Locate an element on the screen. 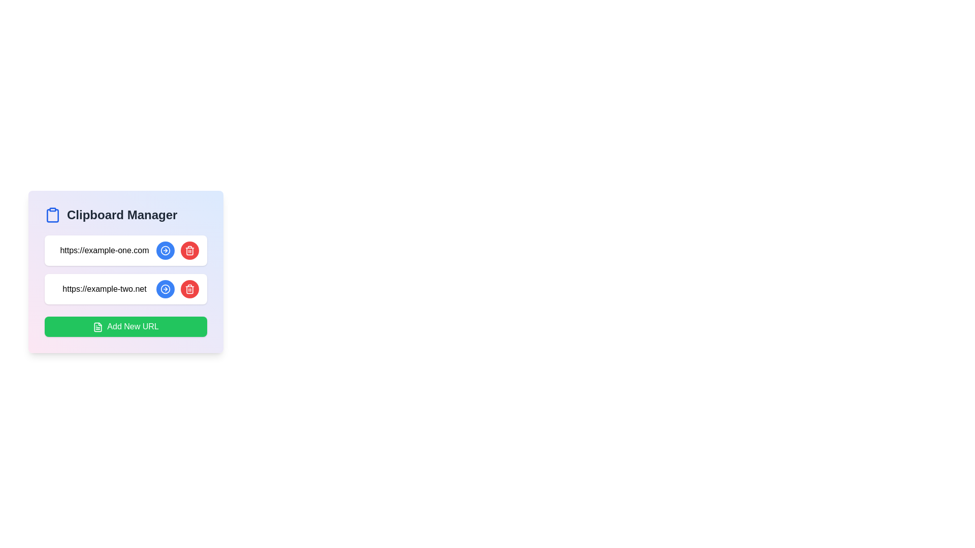  the button that allows the user to add a new URL to the clipboard manager, which is centrally aligned at the bottom of the 'Clipboard Manager' card layout is located at coordinates (125, 327).